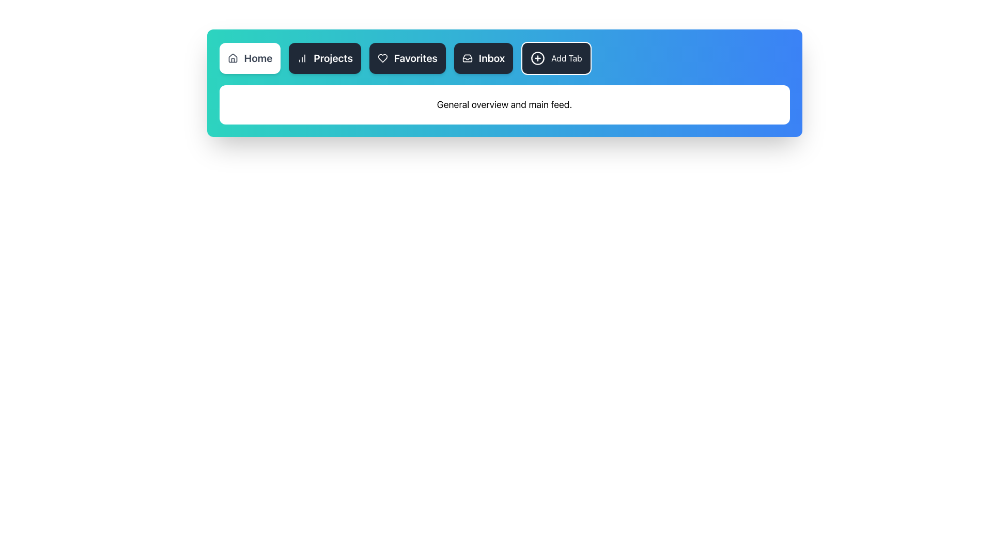 Image resolution: width=992 pixels, height=558 pixels. What do you see at coordinates (415, 58) in the screenshot?
I see `the 'Favorites' label element within the navigation button that includes a heart icon, which is the third button in the horizontal menu bar` at bounding box center [415, 58].